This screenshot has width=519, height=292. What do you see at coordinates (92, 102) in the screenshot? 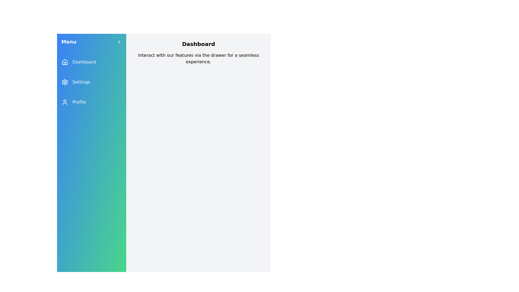
I see `the menu item labeled Profile to observe visual feedback` at bounding box center [92, 102].